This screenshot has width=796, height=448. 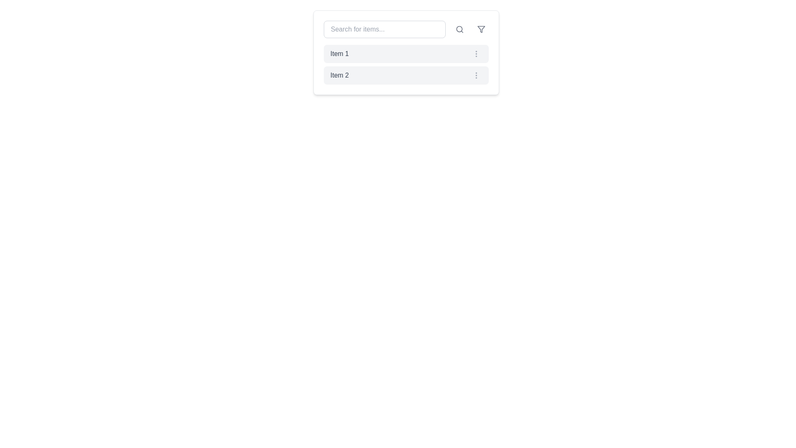 I want to click on the non-interactive Text Label that serves as the title for the first list item, located at the top of the list under the search bar, so click(x=340, y=54).